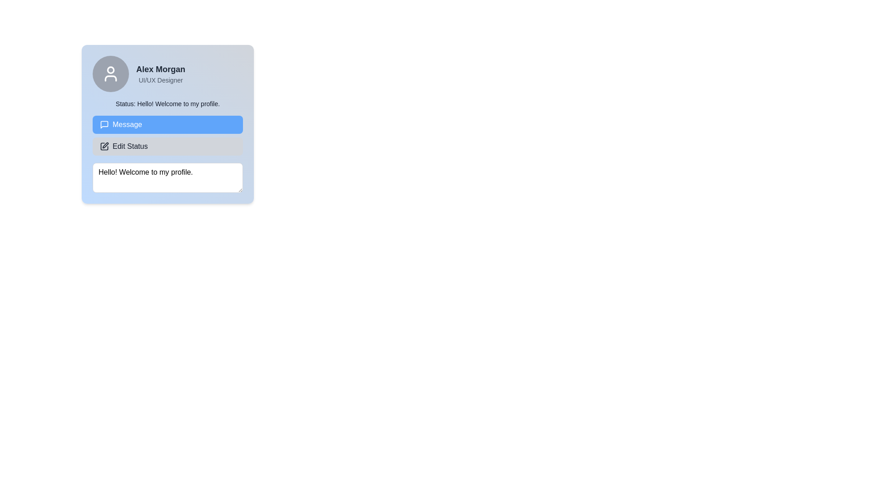 This screenshot has width=872, height=490. Describe the element at coordinates (104, 124) in the screenshot. I see `the chat bubble icon within the blue 'Message' button located on the left side of its text` at that location.